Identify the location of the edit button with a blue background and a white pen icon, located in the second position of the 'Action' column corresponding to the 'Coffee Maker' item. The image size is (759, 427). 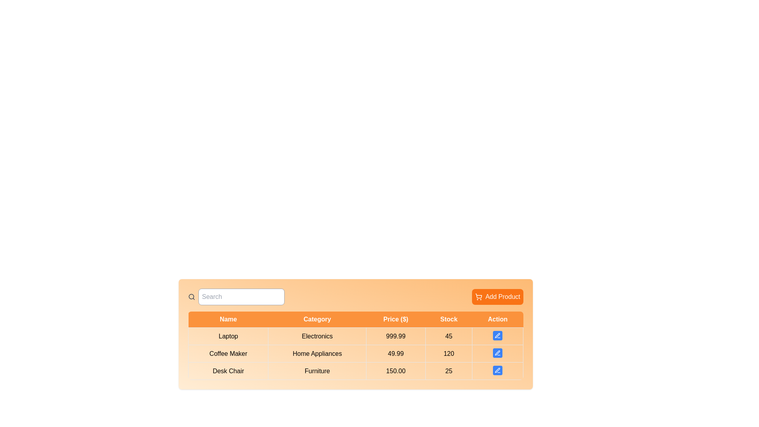
(497, 353).